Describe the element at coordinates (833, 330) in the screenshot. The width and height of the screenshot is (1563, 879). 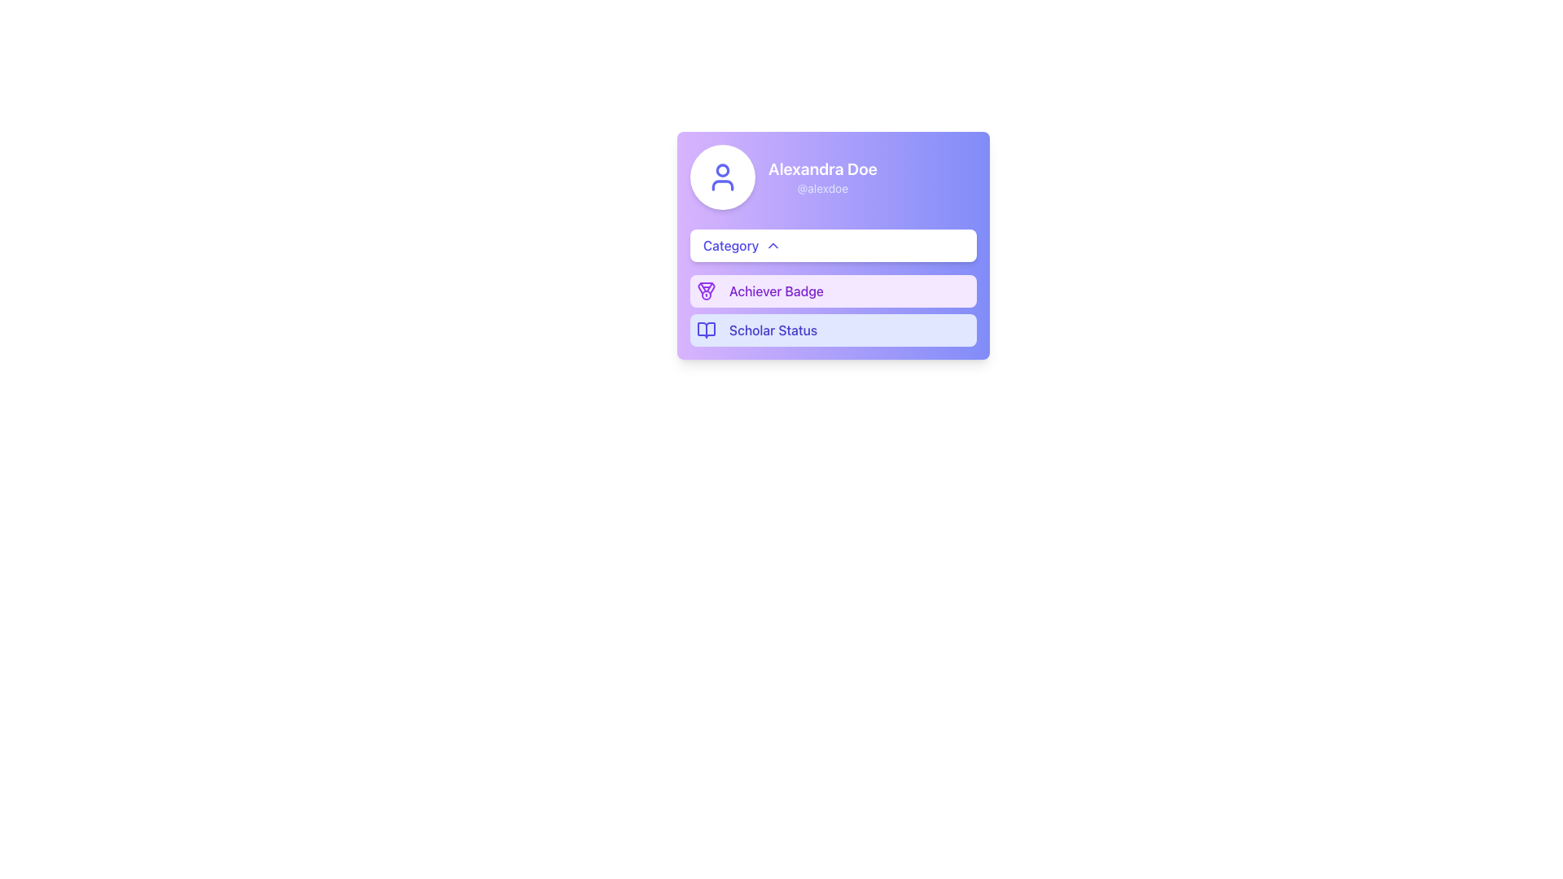
I see `the informational display card that indicates the user's achievement or status, located below the 'Achiever Badge' section in a vertically stacked layout` at that location.